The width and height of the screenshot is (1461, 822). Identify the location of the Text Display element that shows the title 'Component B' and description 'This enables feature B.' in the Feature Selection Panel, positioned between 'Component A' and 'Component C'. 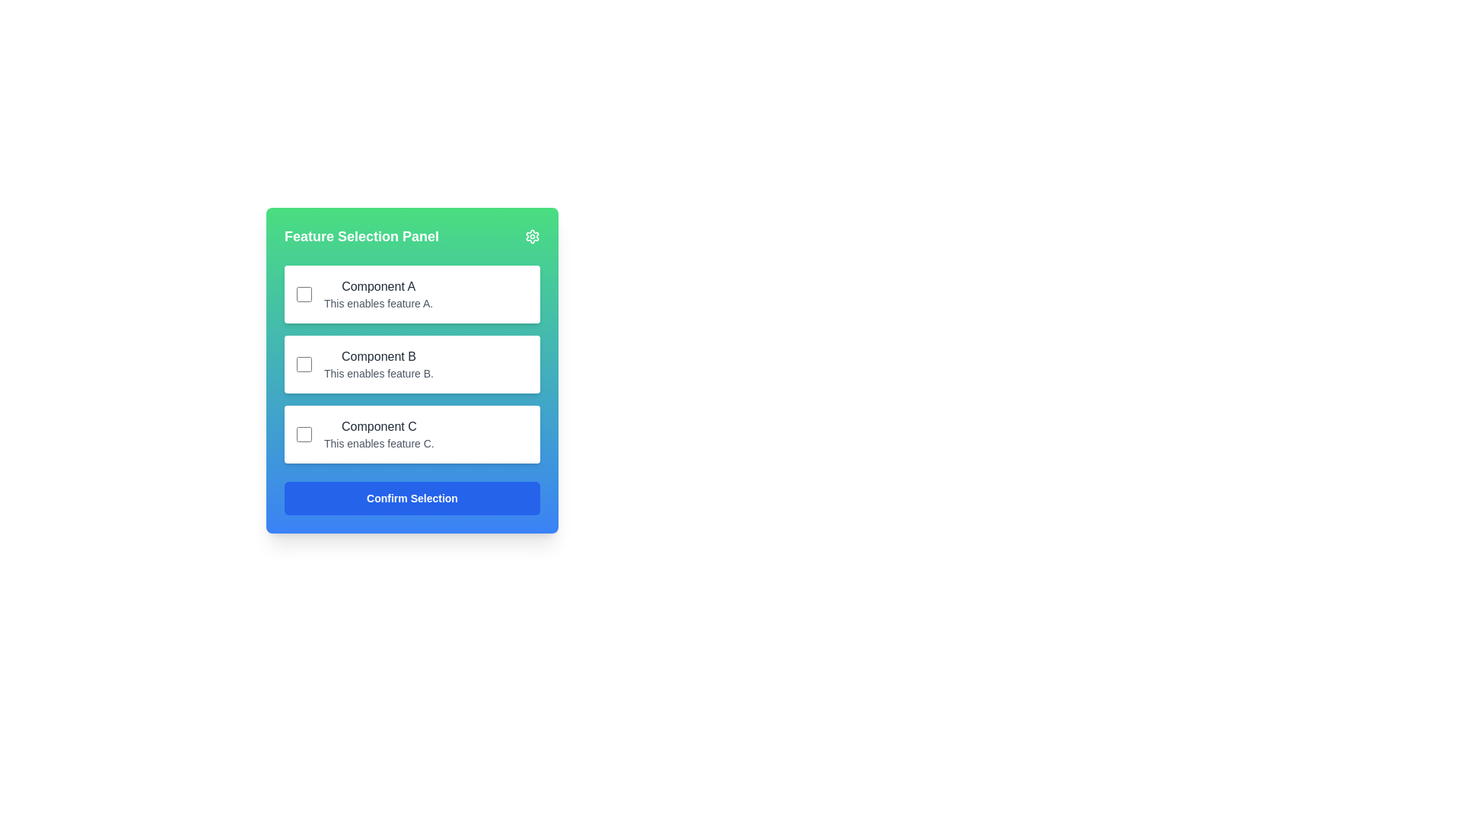
(379, 364).